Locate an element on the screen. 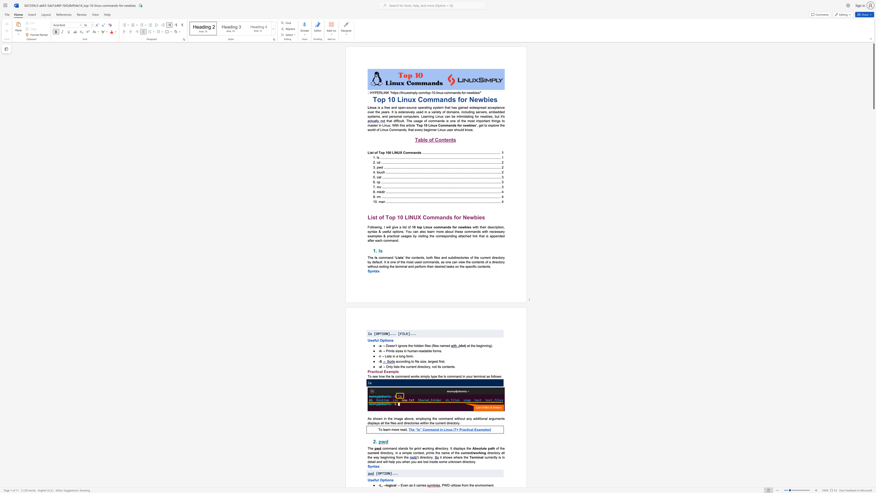  the 2th character "c" in the text is located at coordinates (379, 371).